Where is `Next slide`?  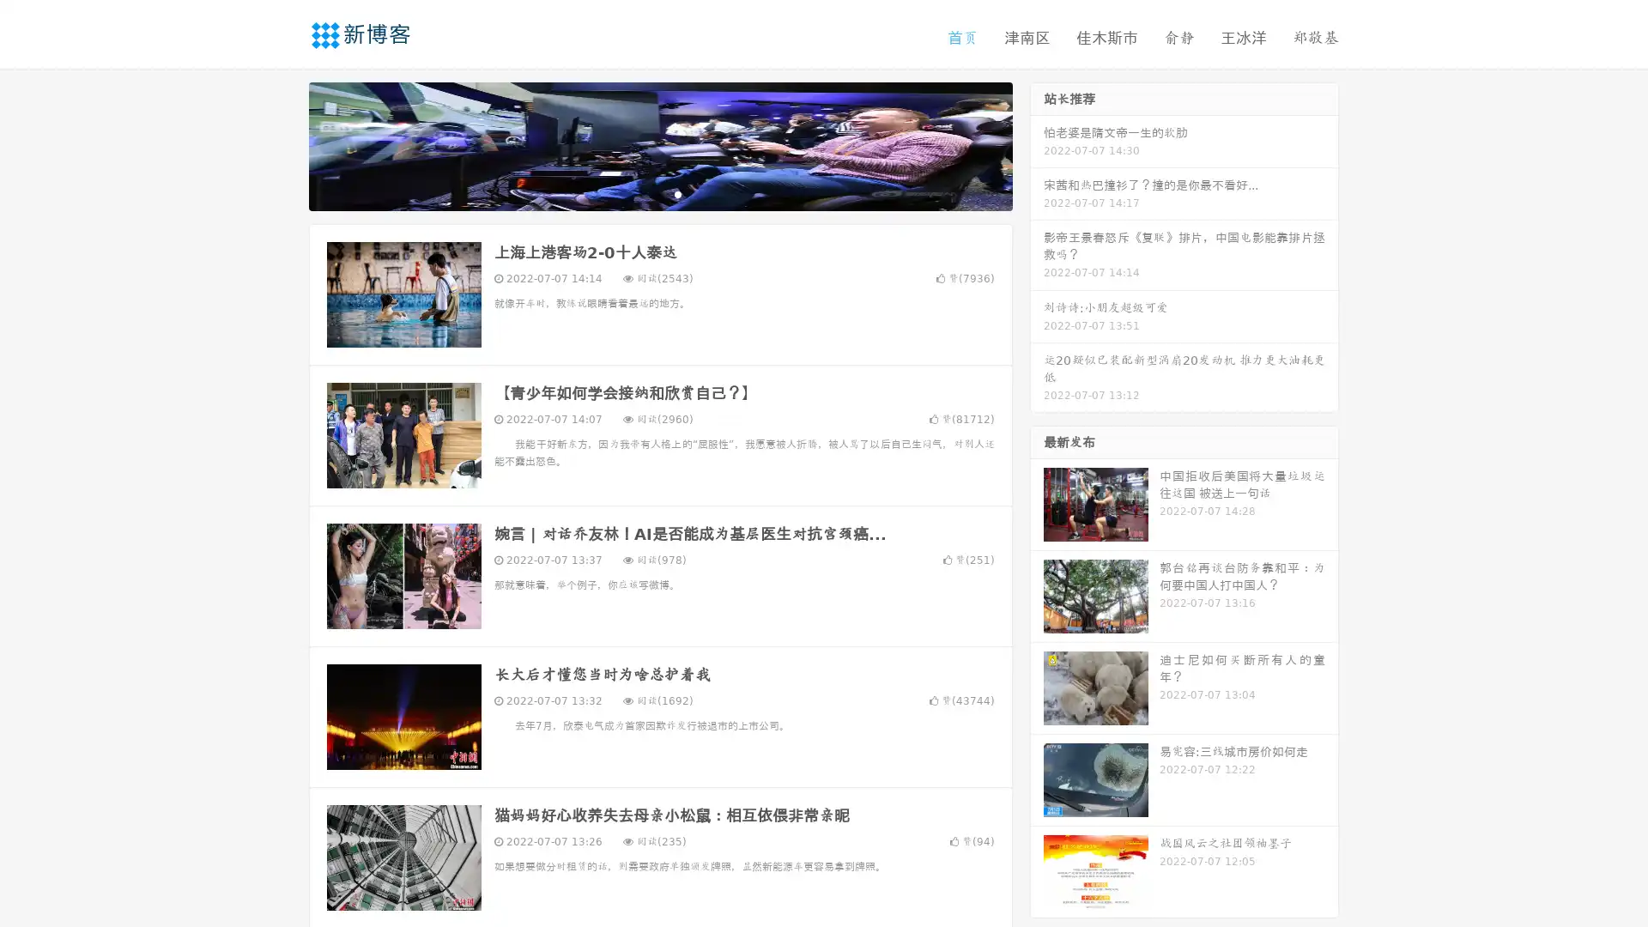
Next slide is located at coordinates (1037, 144).